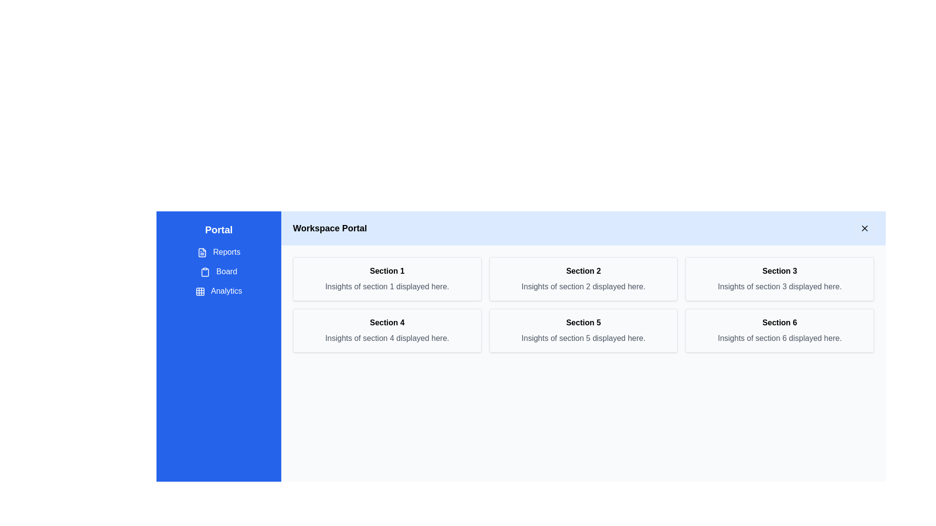  I want to click on the Text Label that provides details about the content or purpose of the 'Section 6' card, located in the last column of a two-row grid layout, directly below the text 'Section 6', so click(779, 338).